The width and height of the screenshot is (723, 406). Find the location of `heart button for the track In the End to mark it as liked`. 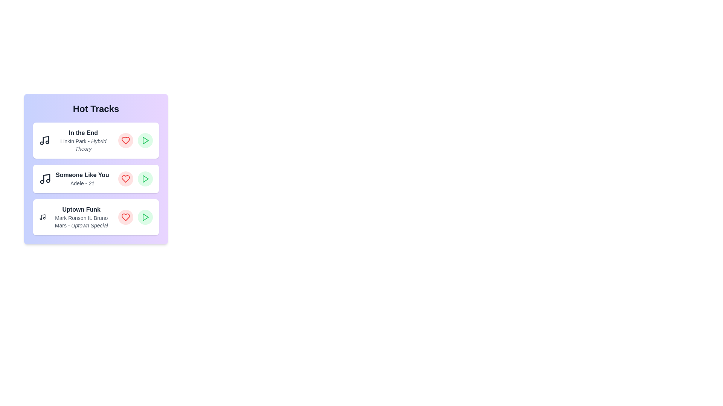

heart button for the track In the End to mark it as liked is located at coordinates (126, 141).